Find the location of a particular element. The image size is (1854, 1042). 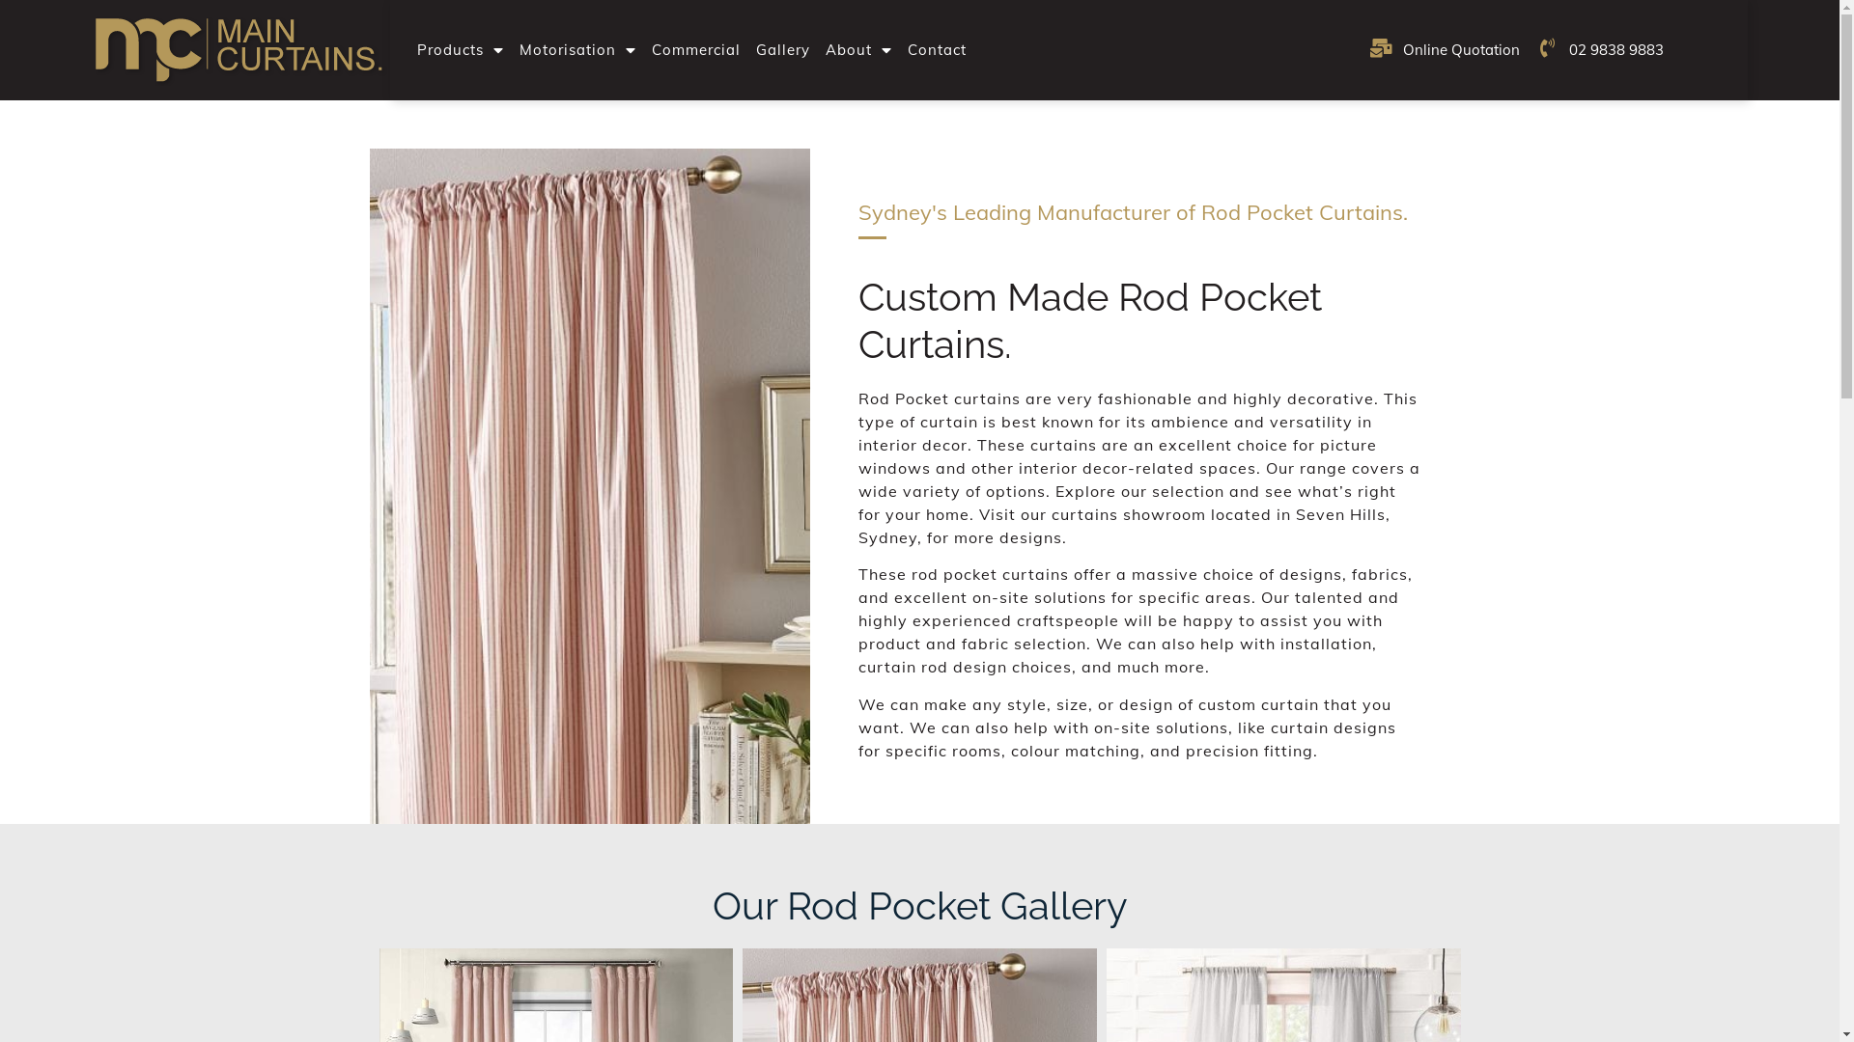

'Motorisation' is located at coordinates (511, 48).